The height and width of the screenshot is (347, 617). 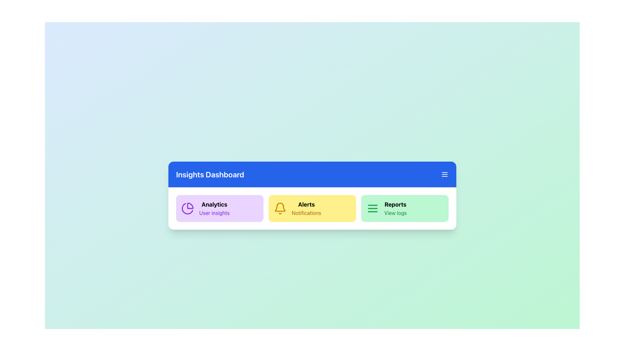 I want to click on the alerts icon which indicates the presence of notifications in the yellow card at the center of the dashboard interface, so click(x=280, y=207).